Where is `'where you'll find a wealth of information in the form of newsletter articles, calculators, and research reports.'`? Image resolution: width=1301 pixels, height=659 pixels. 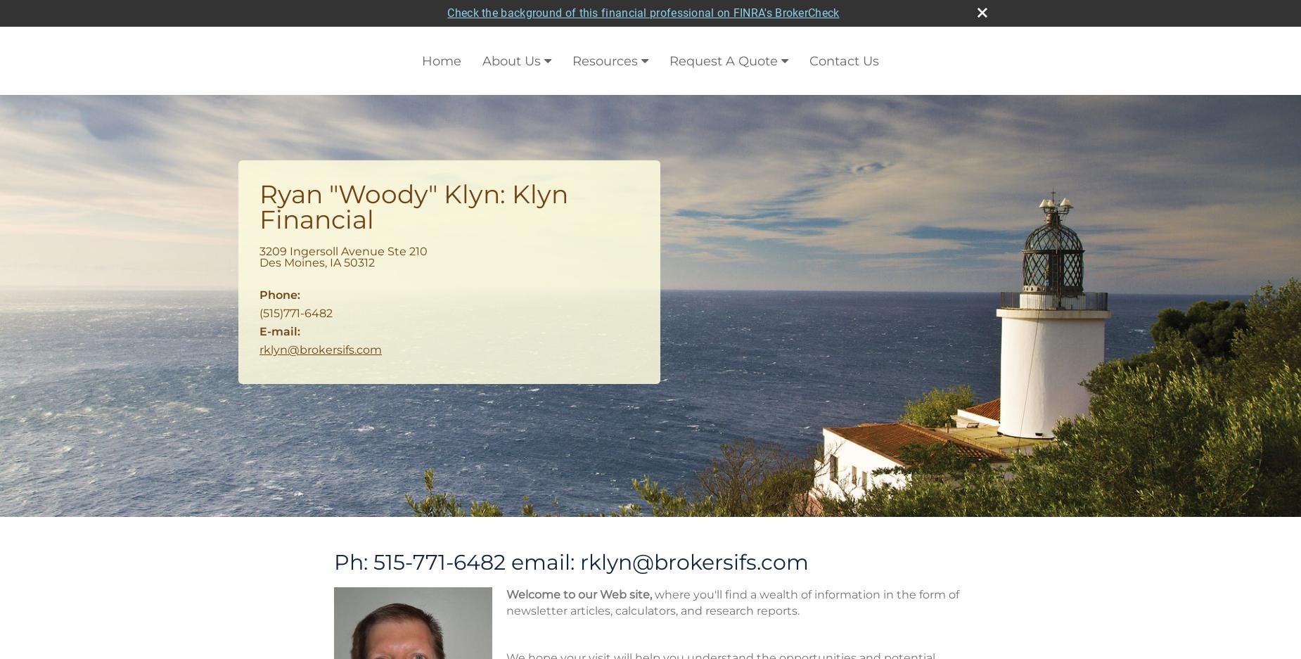 'where you'll find a wealth of information in the form of newsletter articles, calculators, and research reports.' is located at coordinates (731, 37).